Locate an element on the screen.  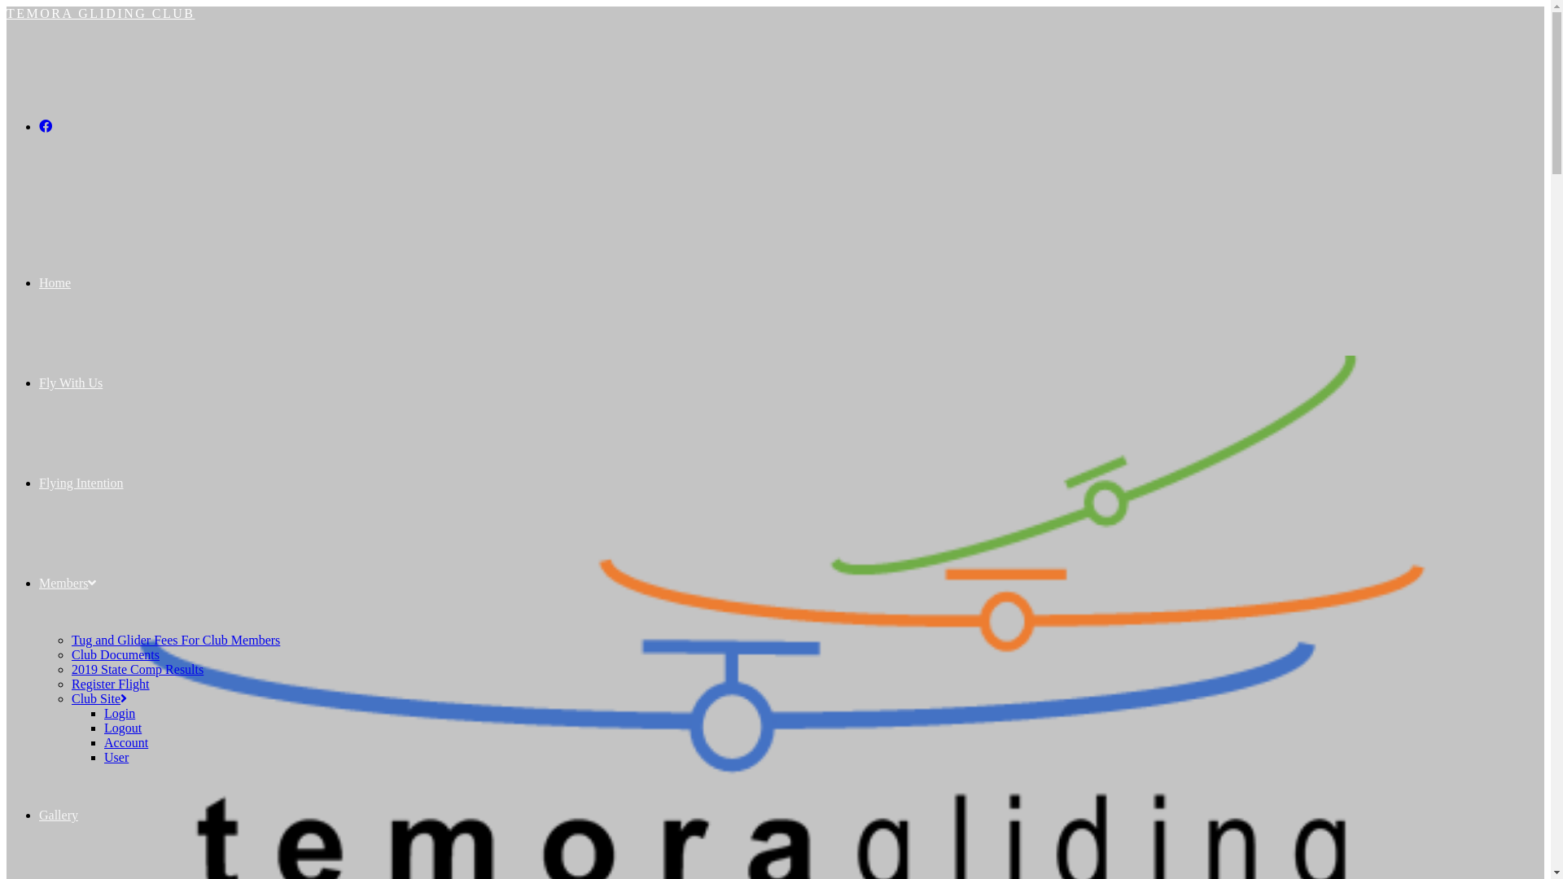
'TEMORA GLIDING CLUB' is located at coordinates (100, 13).